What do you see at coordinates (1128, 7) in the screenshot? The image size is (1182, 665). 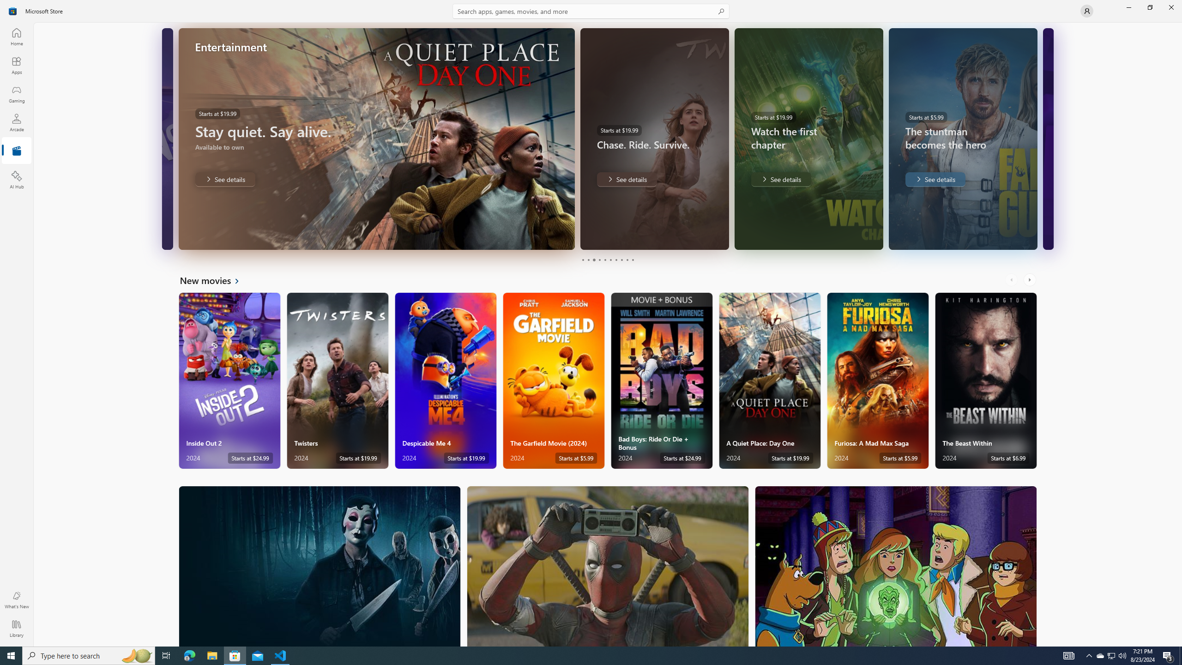 I see `'Minimize Microsoft Store'` at bounding box center [1128, 7].